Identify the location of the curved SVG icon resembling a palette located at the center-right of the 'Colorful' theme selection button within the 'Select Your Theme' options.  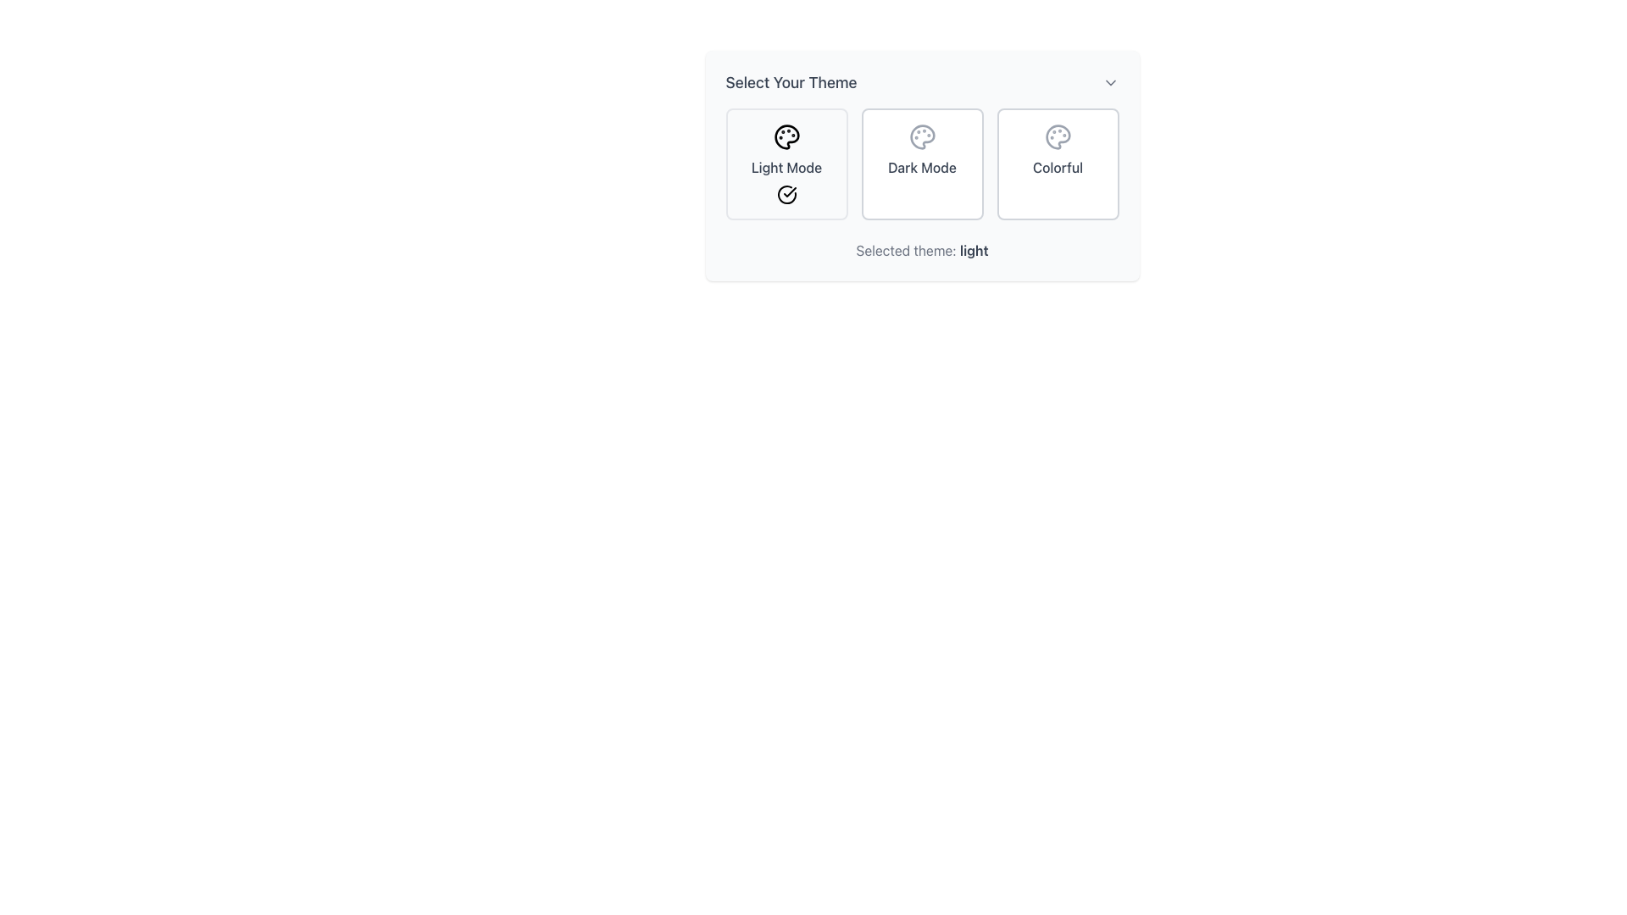
(1057, 136).